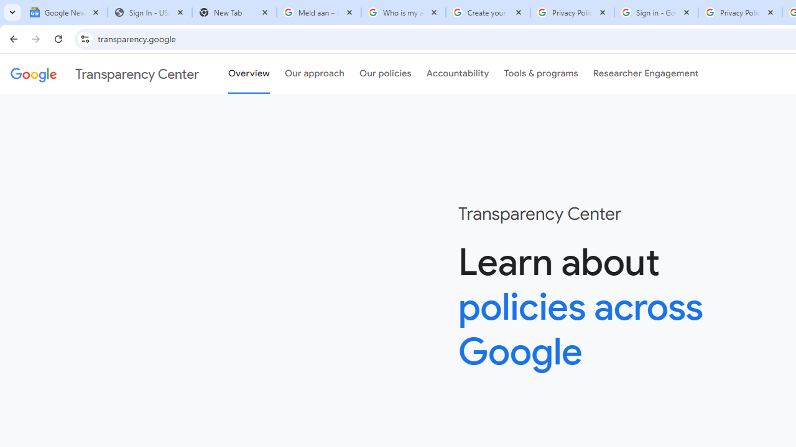  I want to click on 'Accountability', so click(457, 74).